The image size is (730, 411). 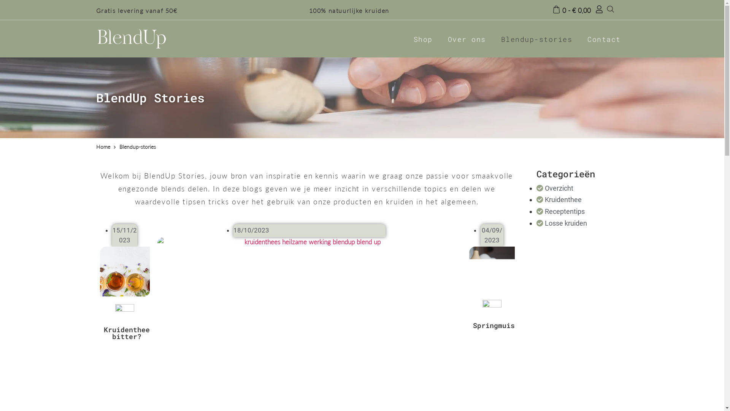 I want to click on '15/11/2023', so click(x=124, y=234).